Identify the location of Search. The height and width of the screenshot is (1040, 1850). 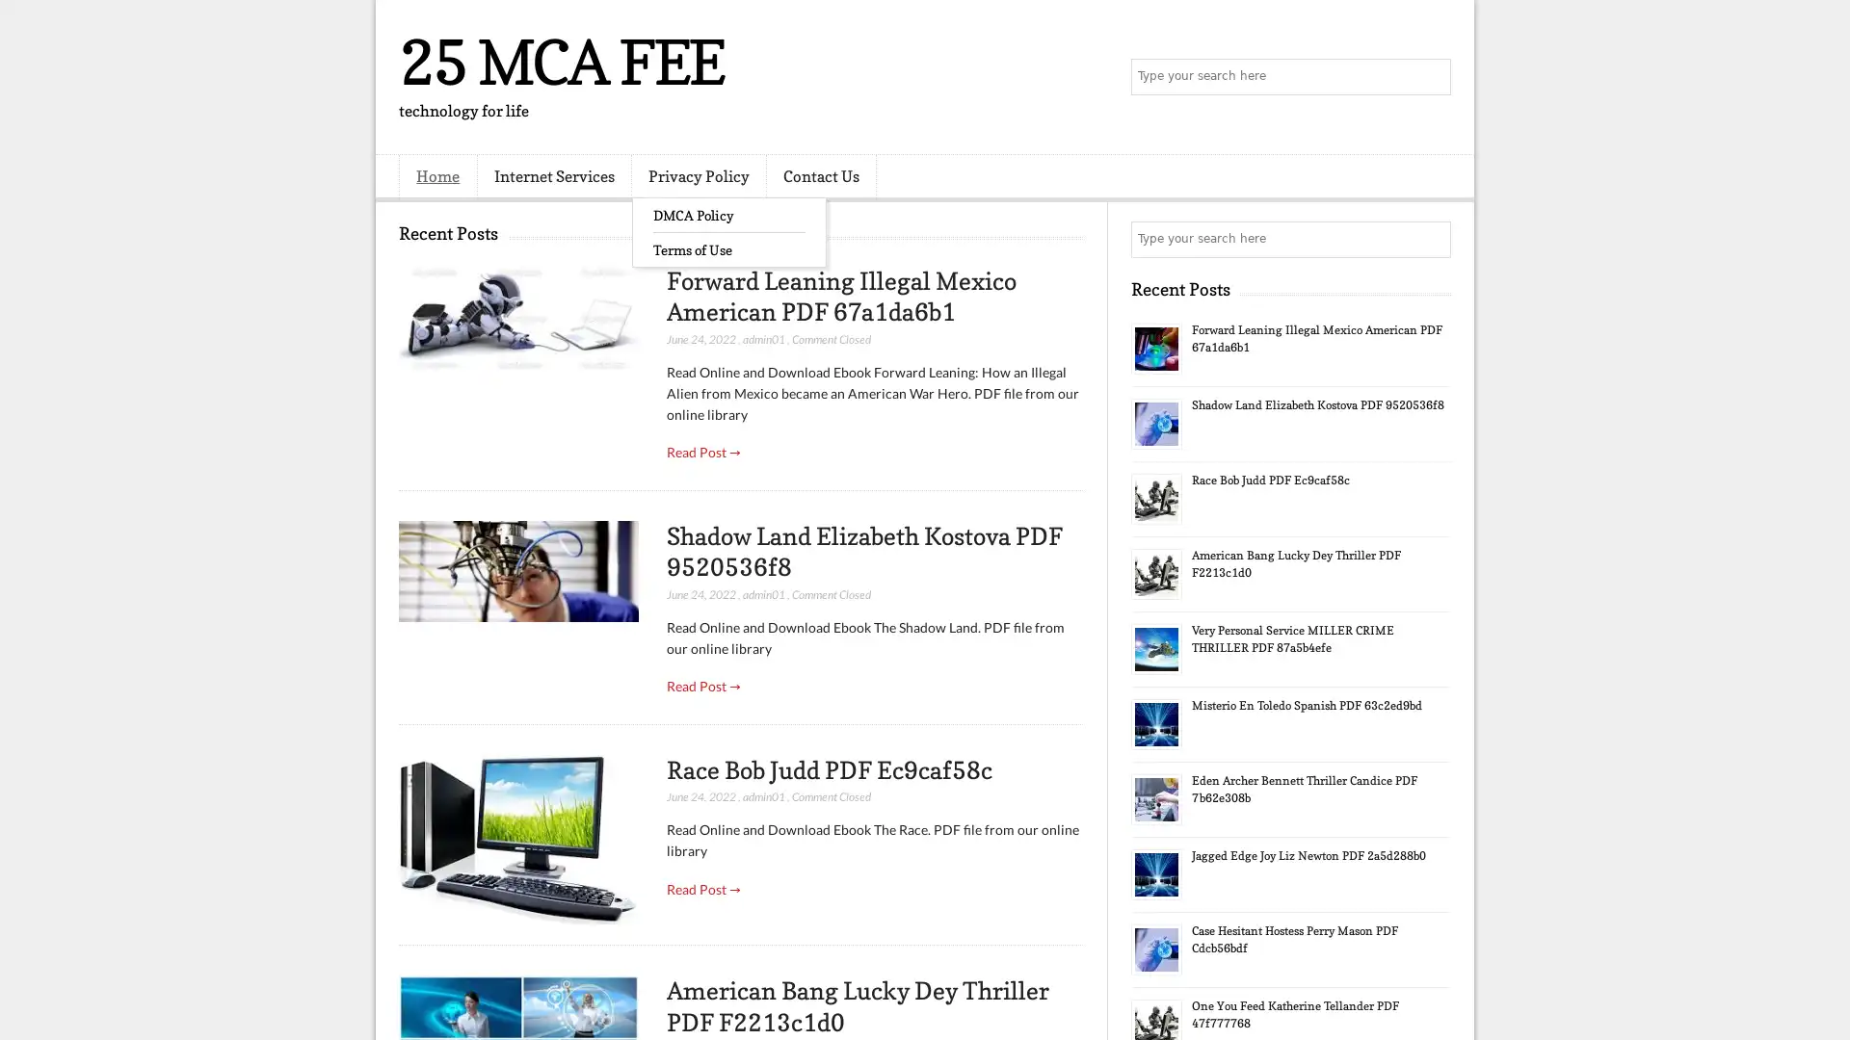
(1431, 239).